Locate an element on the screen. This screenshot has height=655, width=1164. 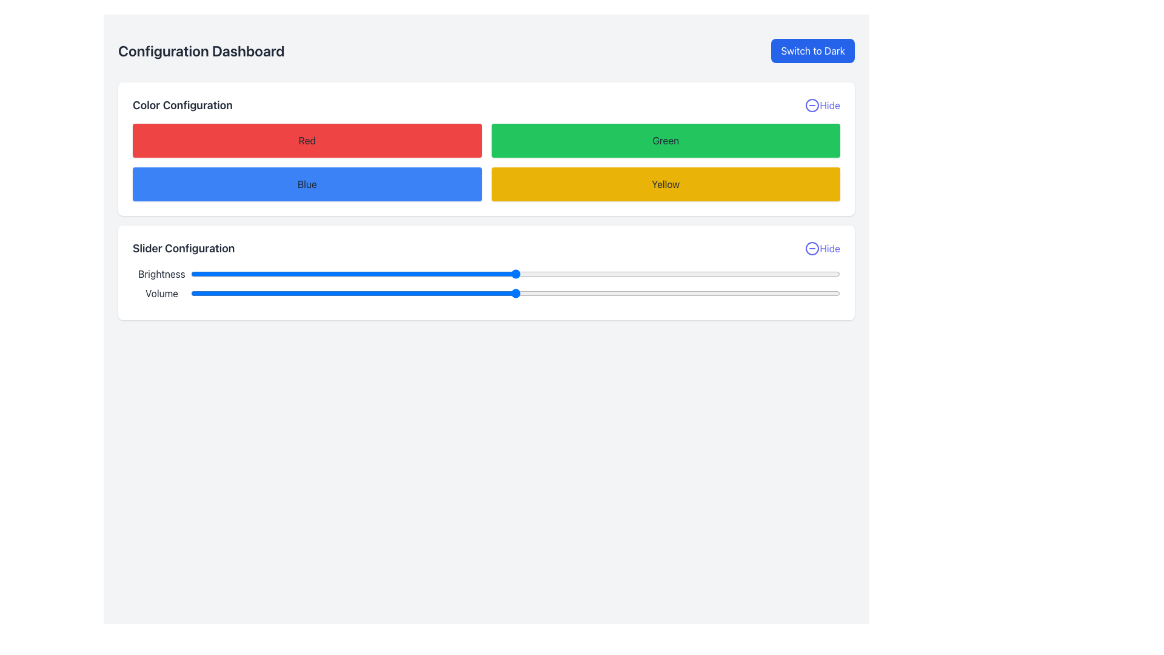
the brightness level is located at coordinates (242, 274).